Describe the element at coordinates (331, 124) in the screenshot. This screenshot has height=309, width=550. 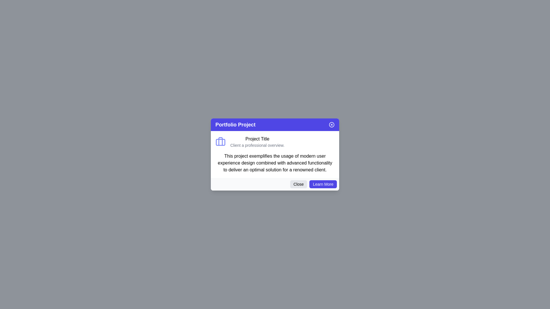
I see `the close button located at the far-right end of the blue header in the dialog box` at that location.